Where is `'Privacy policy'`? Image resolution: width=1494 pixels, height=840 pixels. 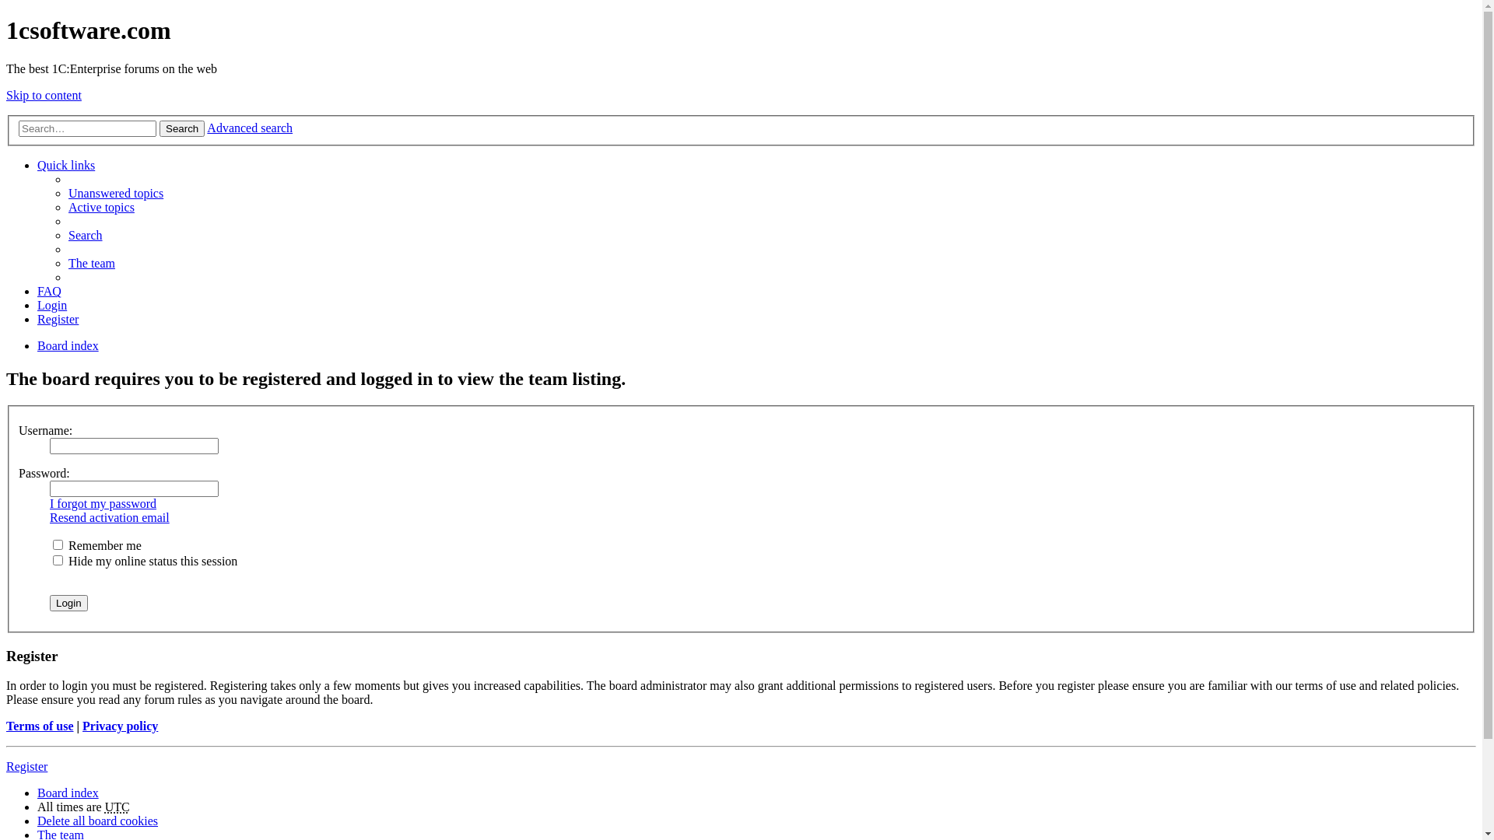
'Privacy policy' is located at coordinates (119, 726).